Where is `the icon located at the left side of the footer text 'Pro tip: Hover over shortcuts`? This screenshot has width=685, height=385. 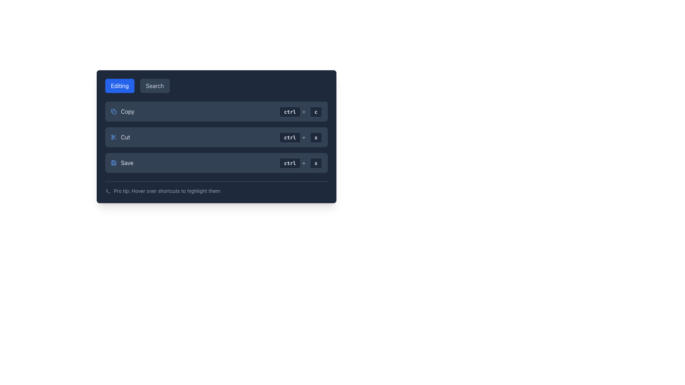
the icon located at the left side of the footer text 'Pro tip: Hover over shortcuts is located at coordinates (107, 191).